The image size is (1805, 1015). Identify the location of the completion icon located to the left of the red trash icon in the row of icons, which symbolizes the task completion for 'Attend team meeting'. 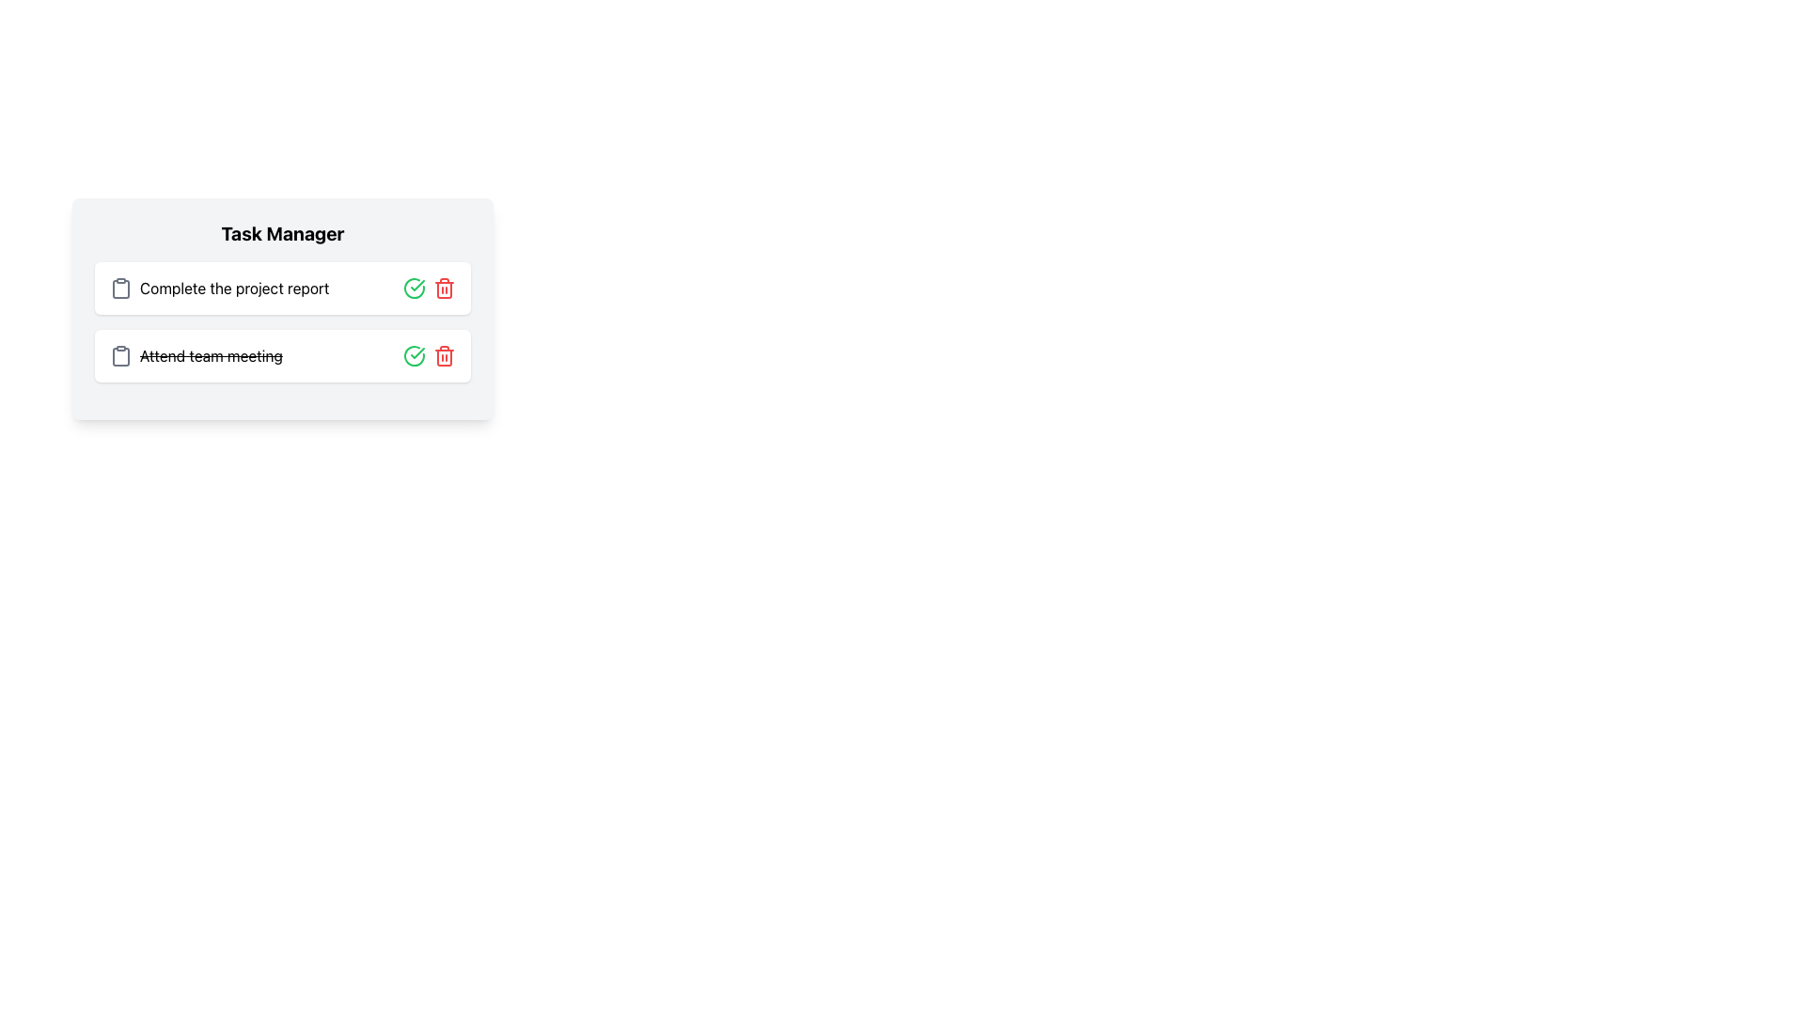
(414, 355).